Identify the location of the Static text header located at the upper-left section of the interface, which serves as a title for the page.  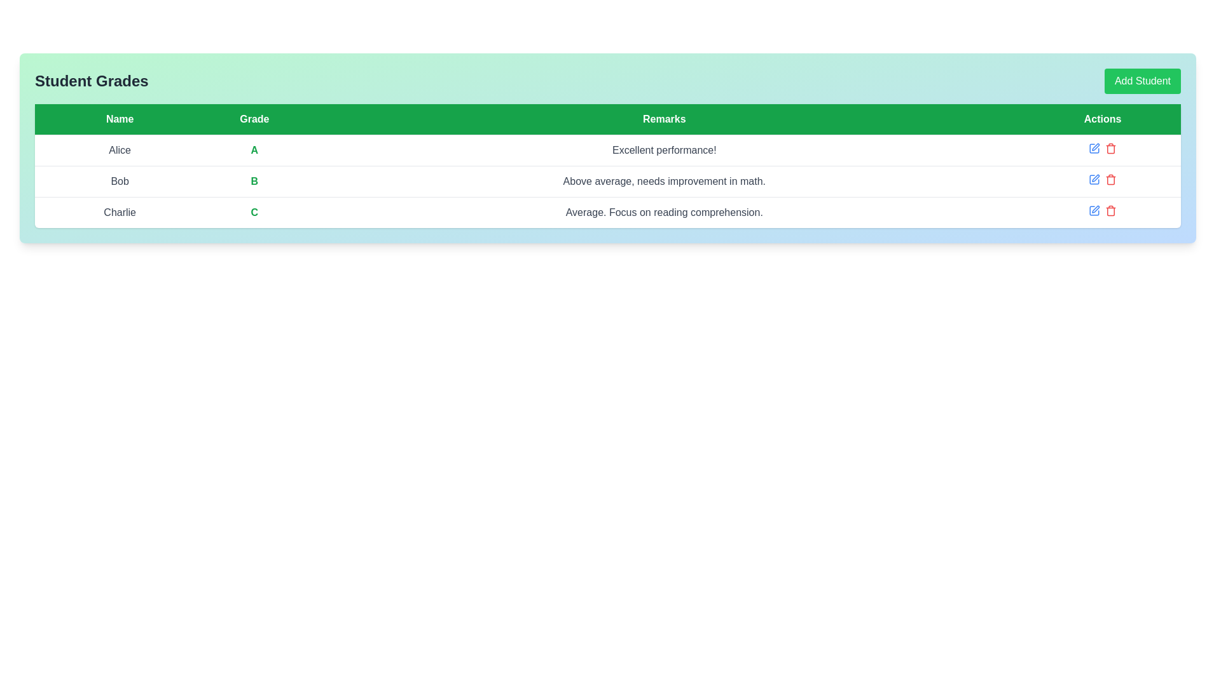
(91, 81).